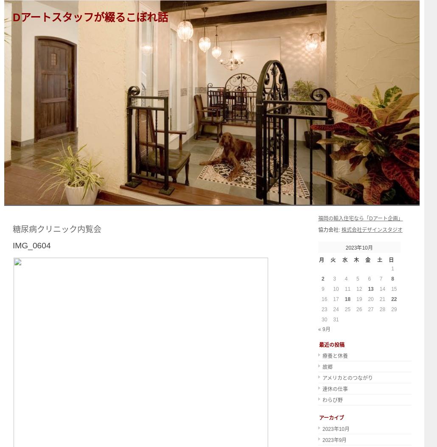 Image resolution: width=437 pixels, height=447 pixels. I want to click on '6', so click(369, 278).